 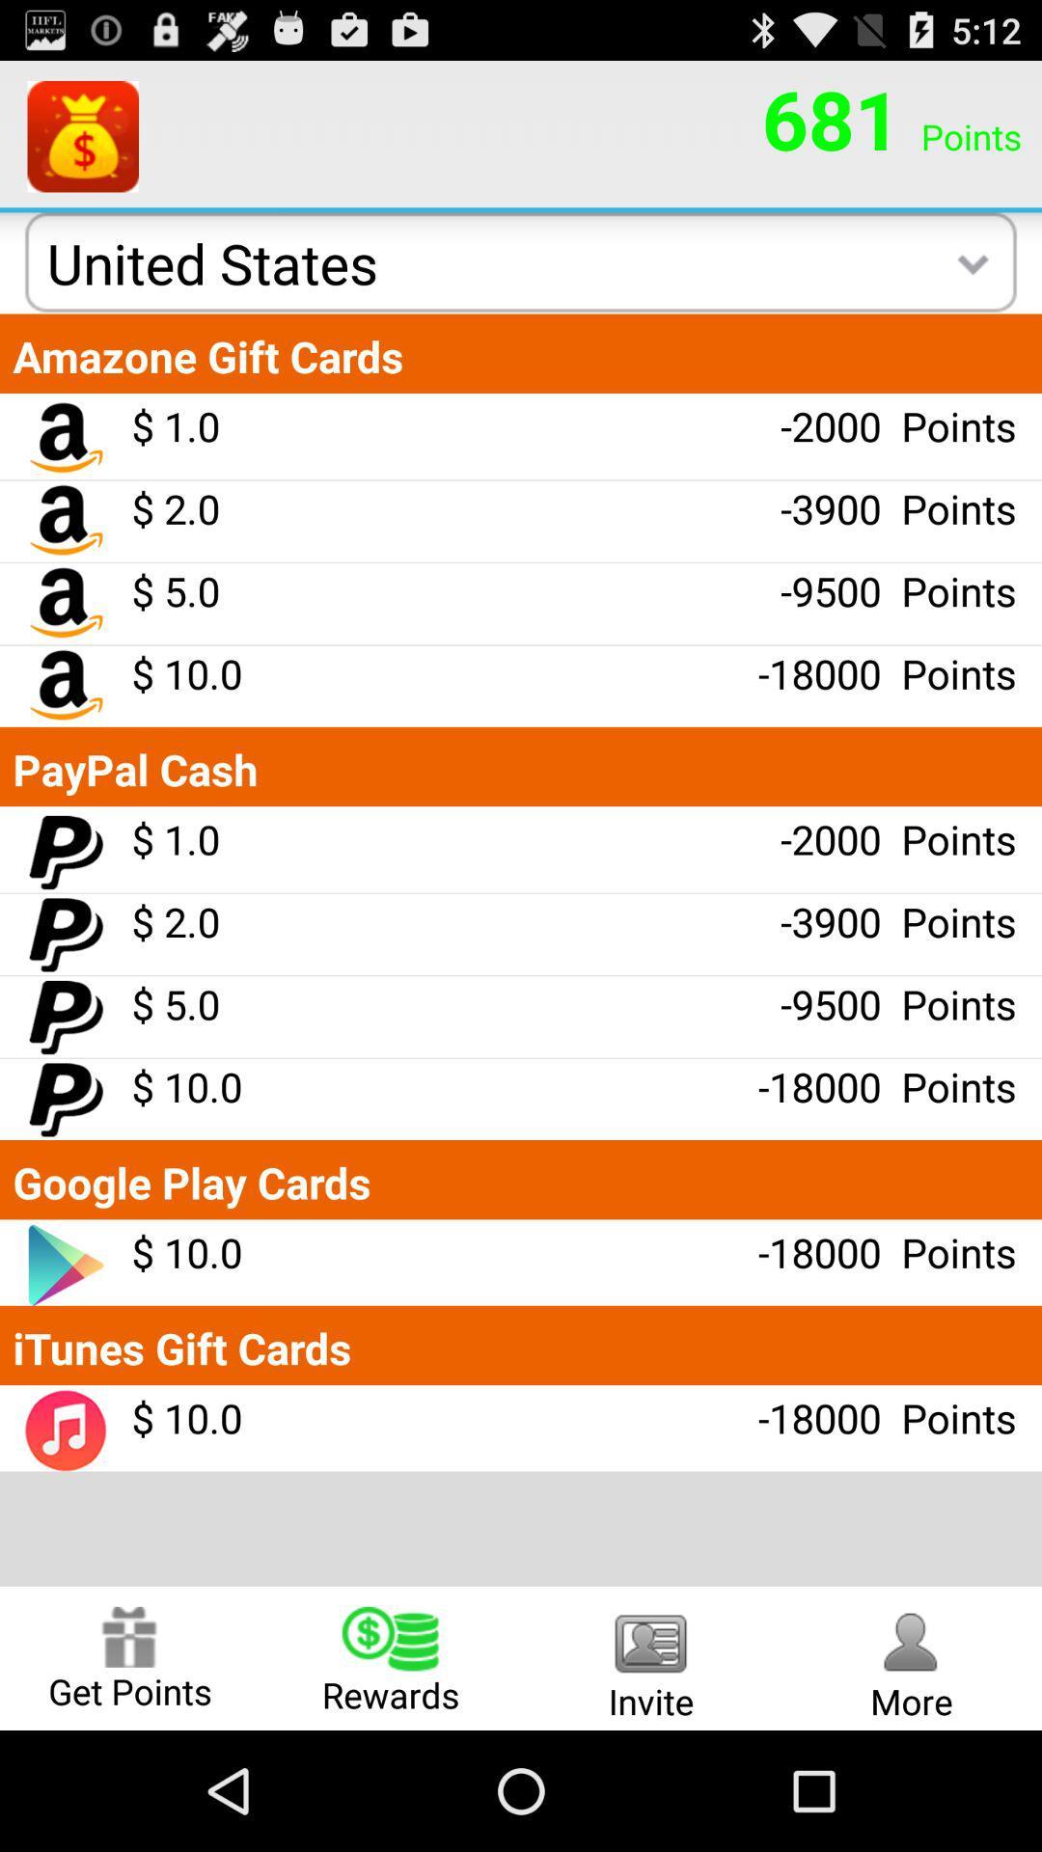 What do you see at coordinates (391, 1657) in the screenshot?
I see `radio button to the right of the get points icon` at bounding box center [391, 1657].